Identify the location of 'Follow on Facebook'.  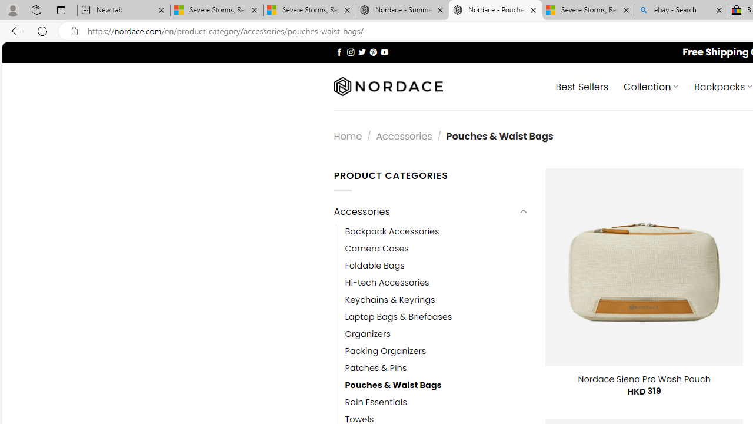
(339, 51).